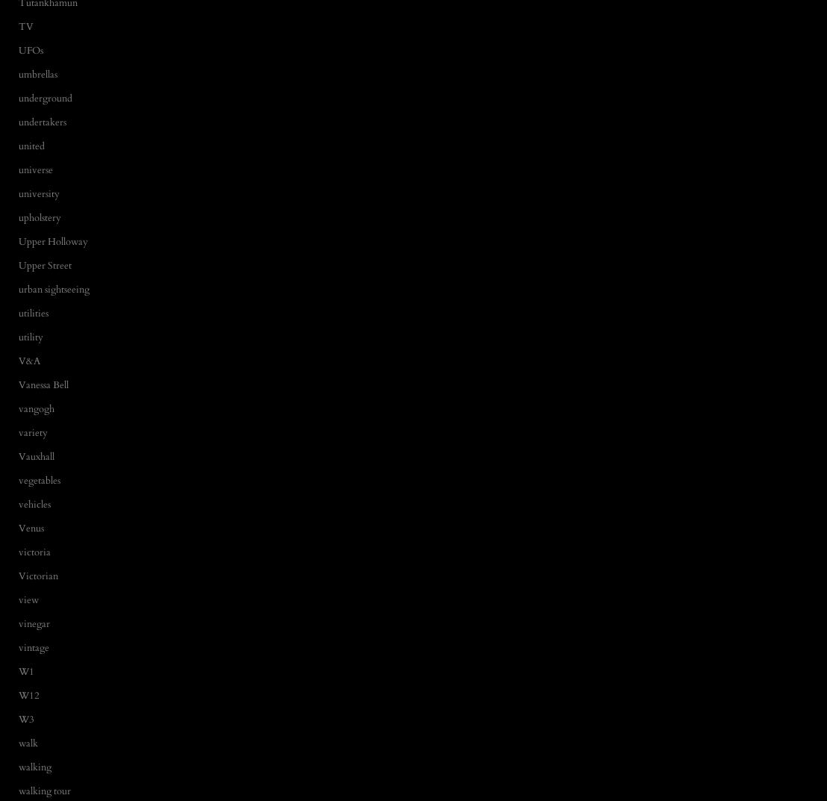  I want to click on 'Upper Holloway', so click(52, 240).